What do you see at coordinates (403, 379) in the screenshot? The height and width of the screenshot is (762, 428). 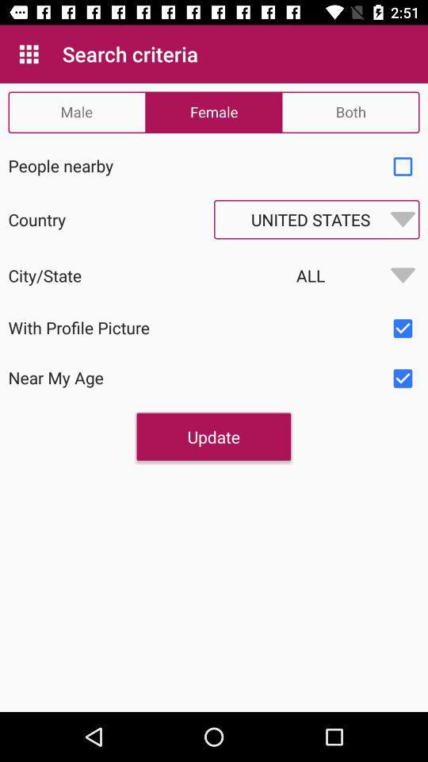 I see `near my age option` at bounding box center [403, 379].